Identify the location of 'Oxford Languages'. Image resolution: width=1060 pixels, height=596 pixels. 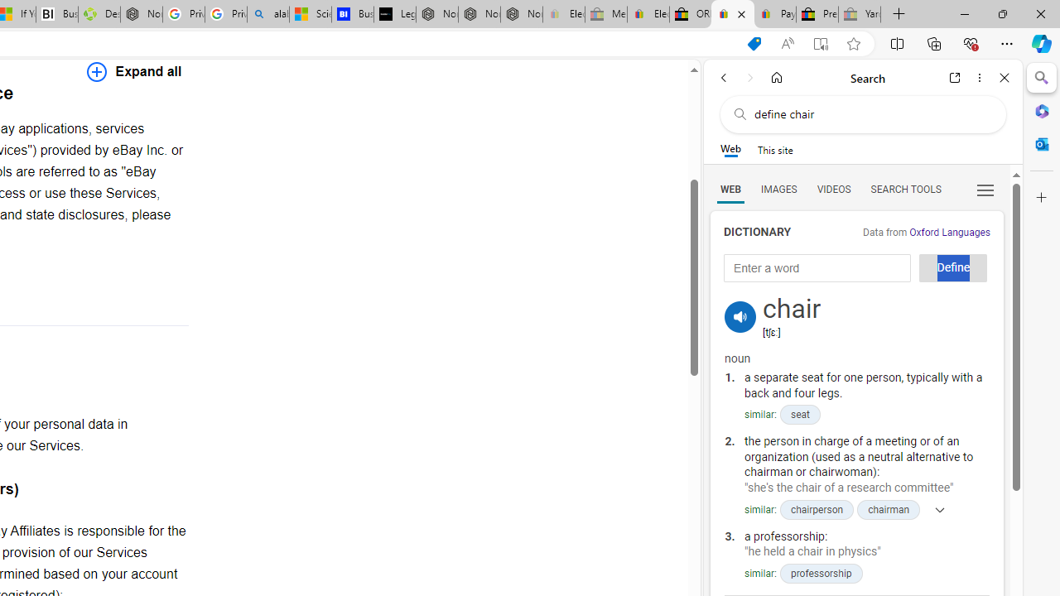
(949, 233).